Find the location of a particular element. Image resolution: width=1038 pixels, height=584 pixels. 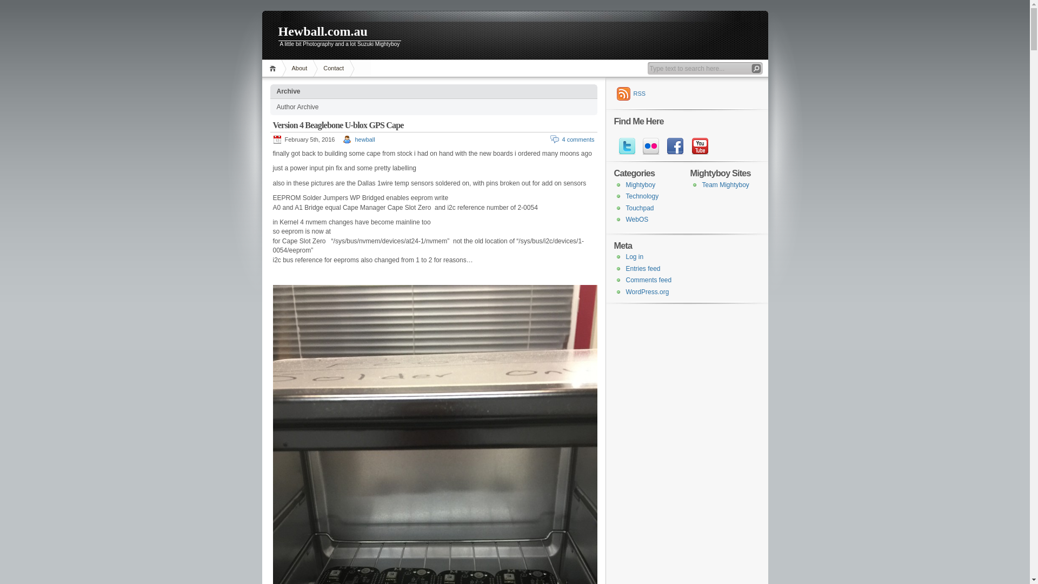

'Contact' is located at coordinates (333, 68).